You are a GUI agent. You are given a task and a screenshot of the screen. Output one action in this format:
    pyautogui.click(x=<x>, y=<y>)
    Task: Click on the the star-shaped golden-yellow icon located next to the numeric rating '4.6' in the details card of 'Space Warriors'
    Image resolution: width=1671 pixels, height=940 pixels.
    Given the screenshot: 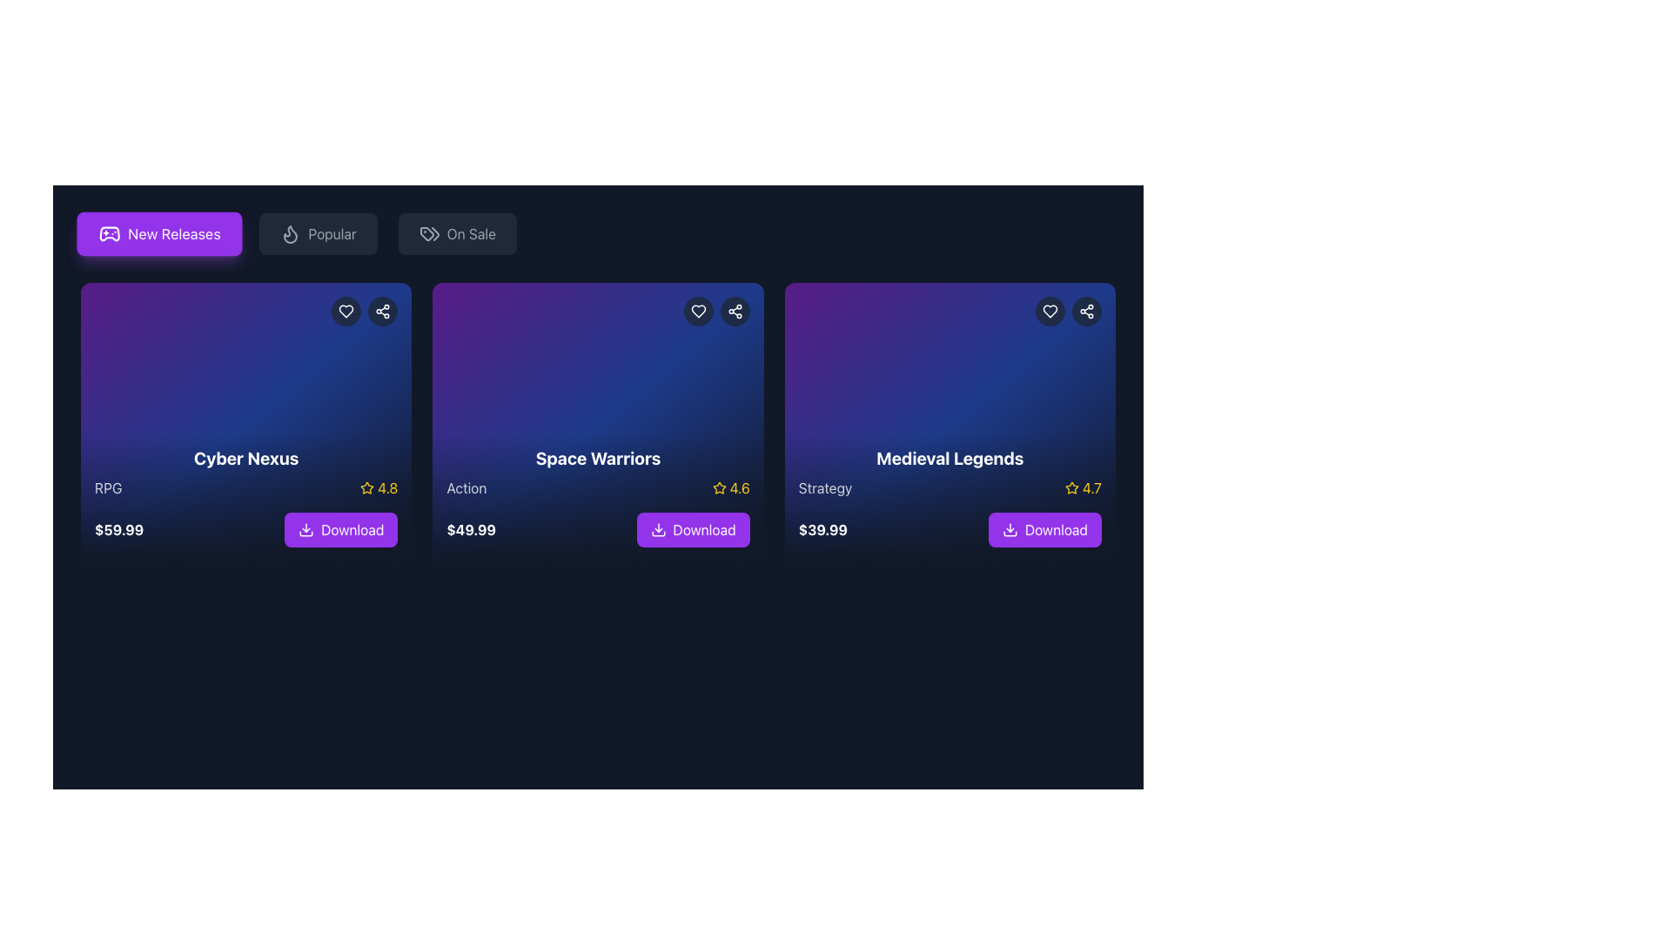 What is the action you would take?
    pyautogui.click(x=719, y=487)
    